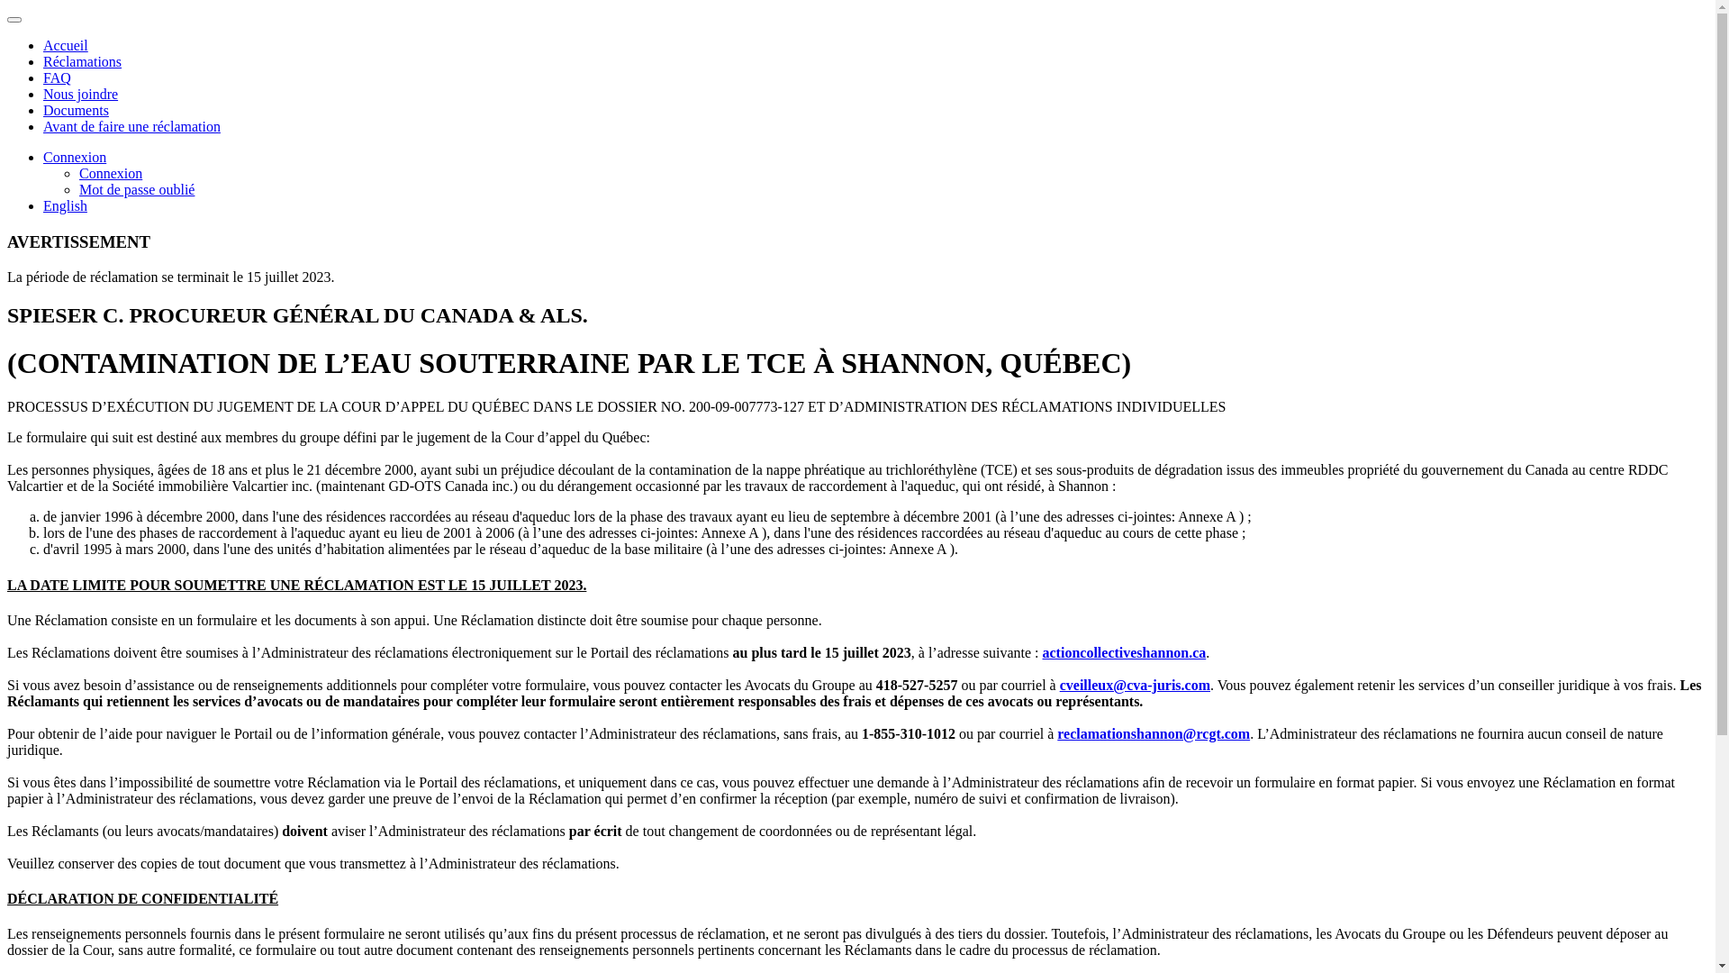 This screenshot has width=1729, height=973. What do you see at coordinates (65, 44) in the screenshot?
I see `'Accueil'` at bounding box center [65, 44].